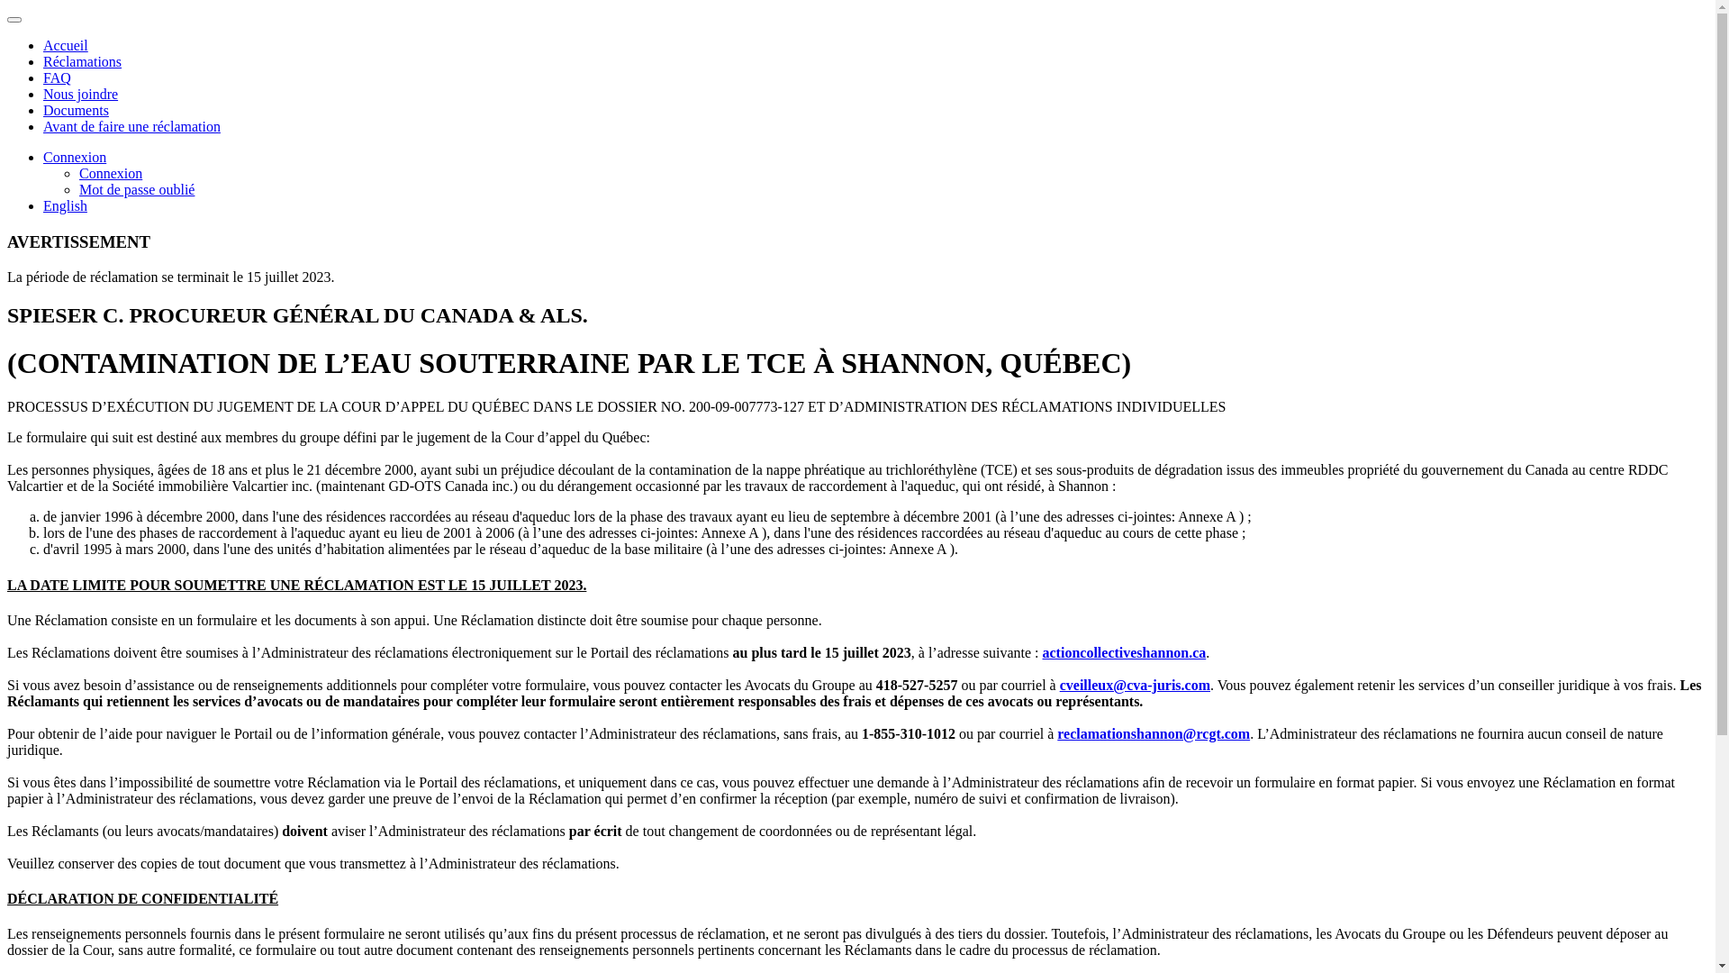 This screenshot has width=1729, height=973. What do you see at coordinates (65, 44) in the screenshot?
I see `'Accueil'` at bounding box center [65, 44].